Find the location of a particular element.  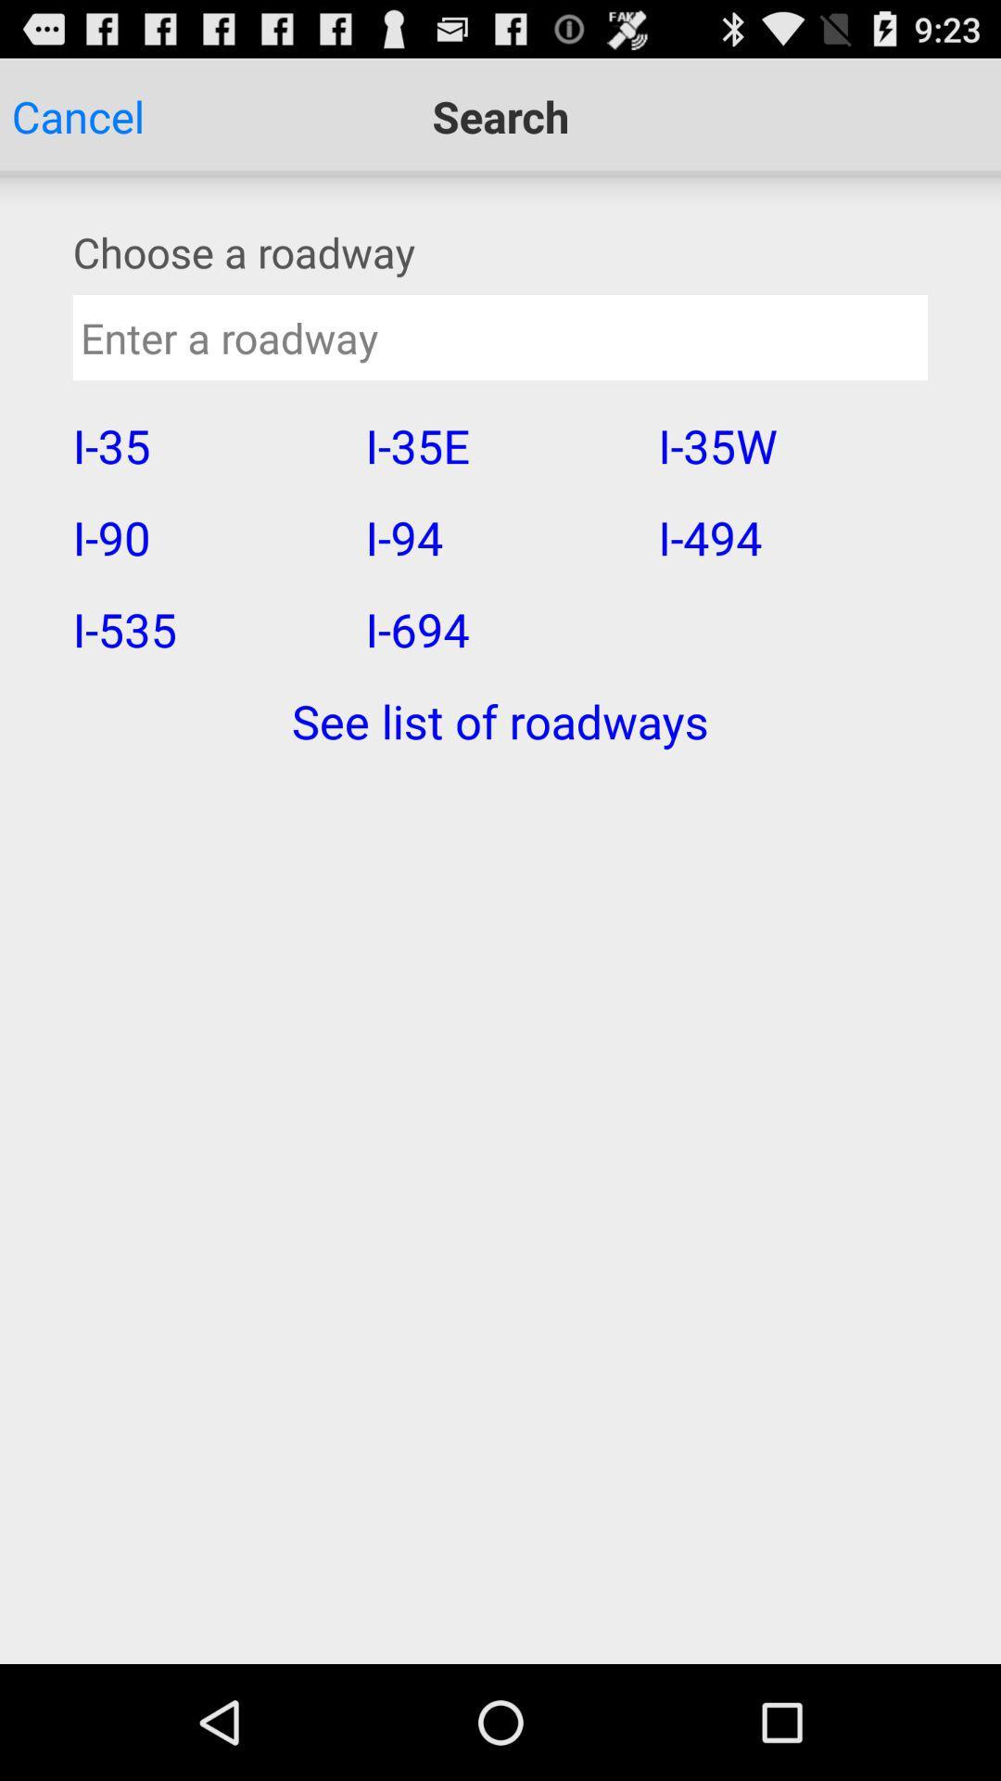

the i-90 app is located at coordinates (207, 536).